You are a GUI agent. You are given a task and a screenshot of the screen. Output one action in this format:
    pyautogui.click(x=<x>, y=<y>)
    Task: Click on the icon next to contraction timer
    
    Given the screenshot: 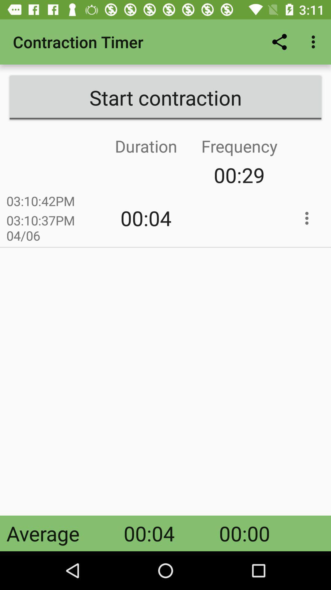 What is the action you would take?
    pyautogui.click(x=279, y=41)
    